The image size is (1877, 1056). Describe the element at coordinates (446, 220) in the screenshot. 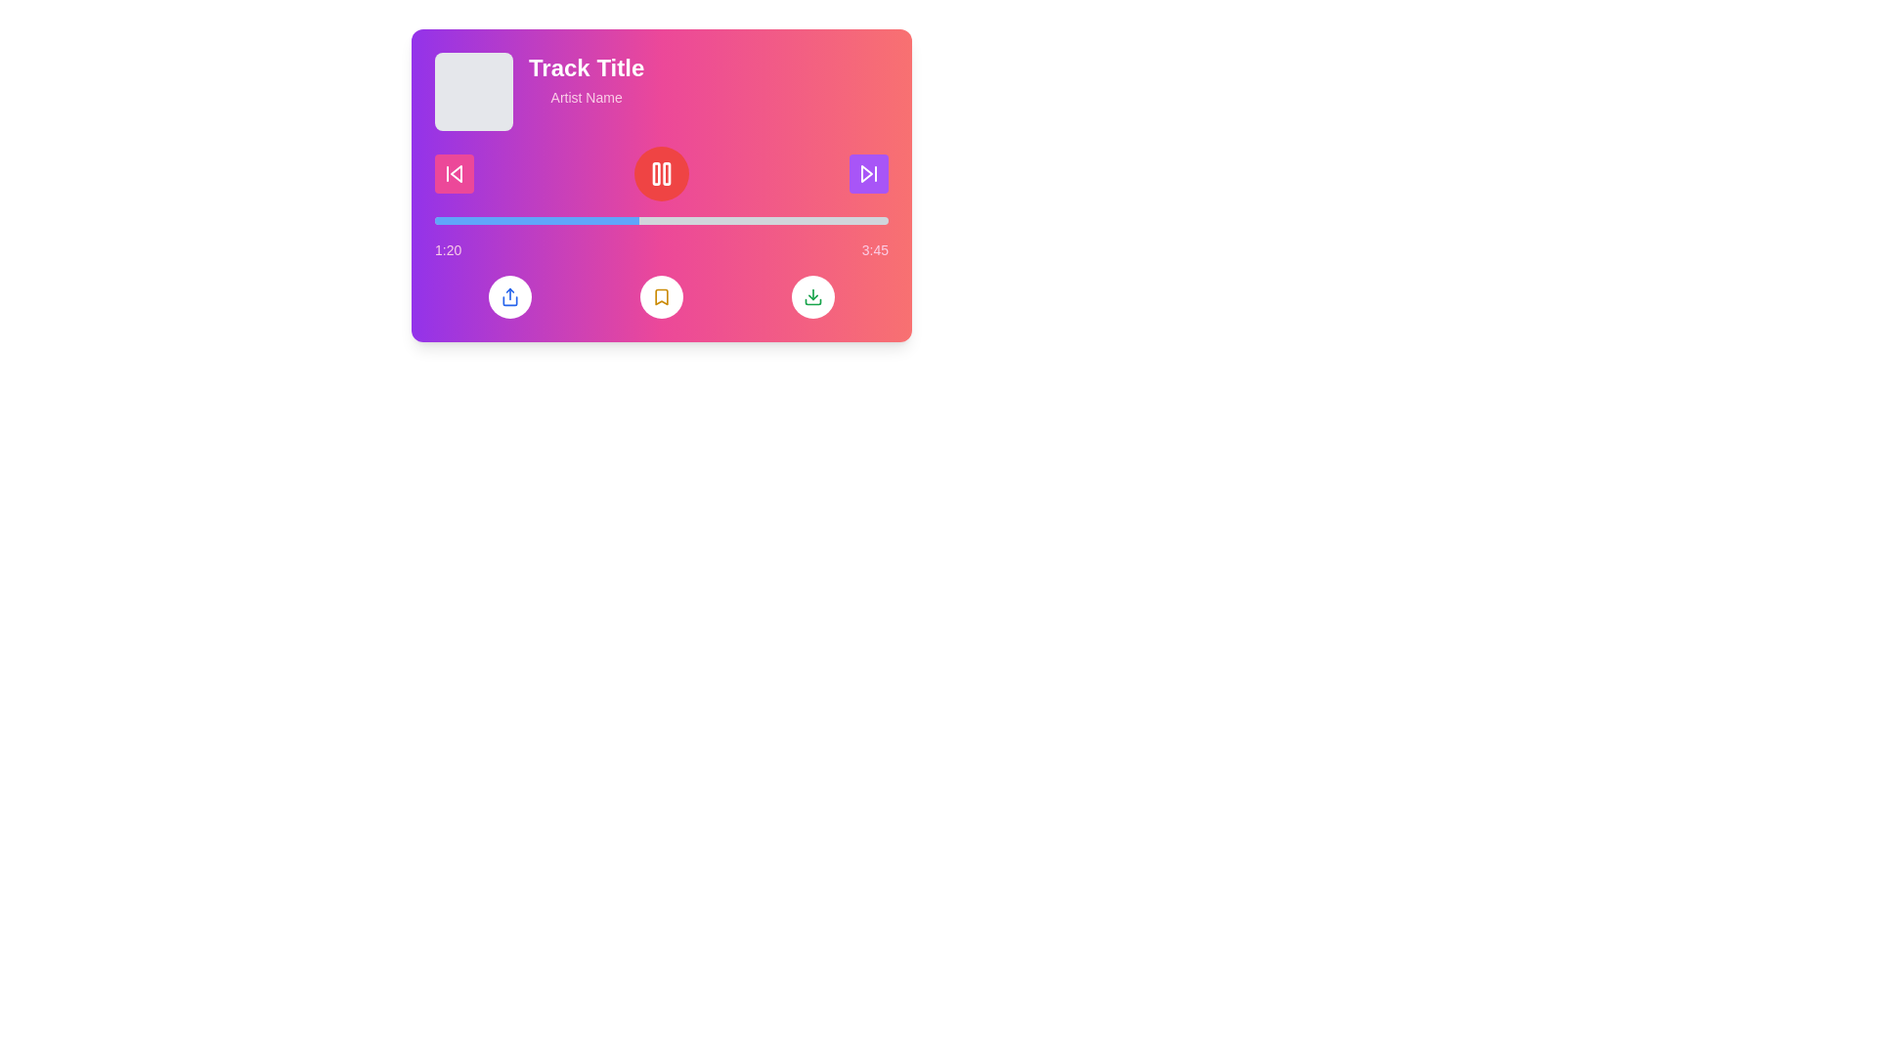

I see `playback progress` at that location.